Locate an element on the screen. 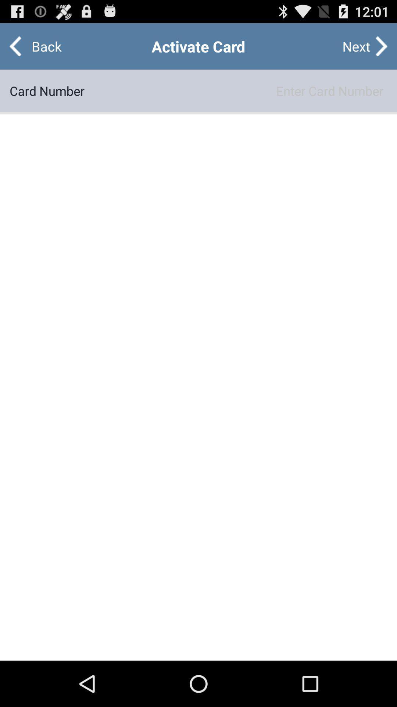 Image resolution: width=397 pixels, height=707 pixels. item below the next is located at coordinates (236, 90).